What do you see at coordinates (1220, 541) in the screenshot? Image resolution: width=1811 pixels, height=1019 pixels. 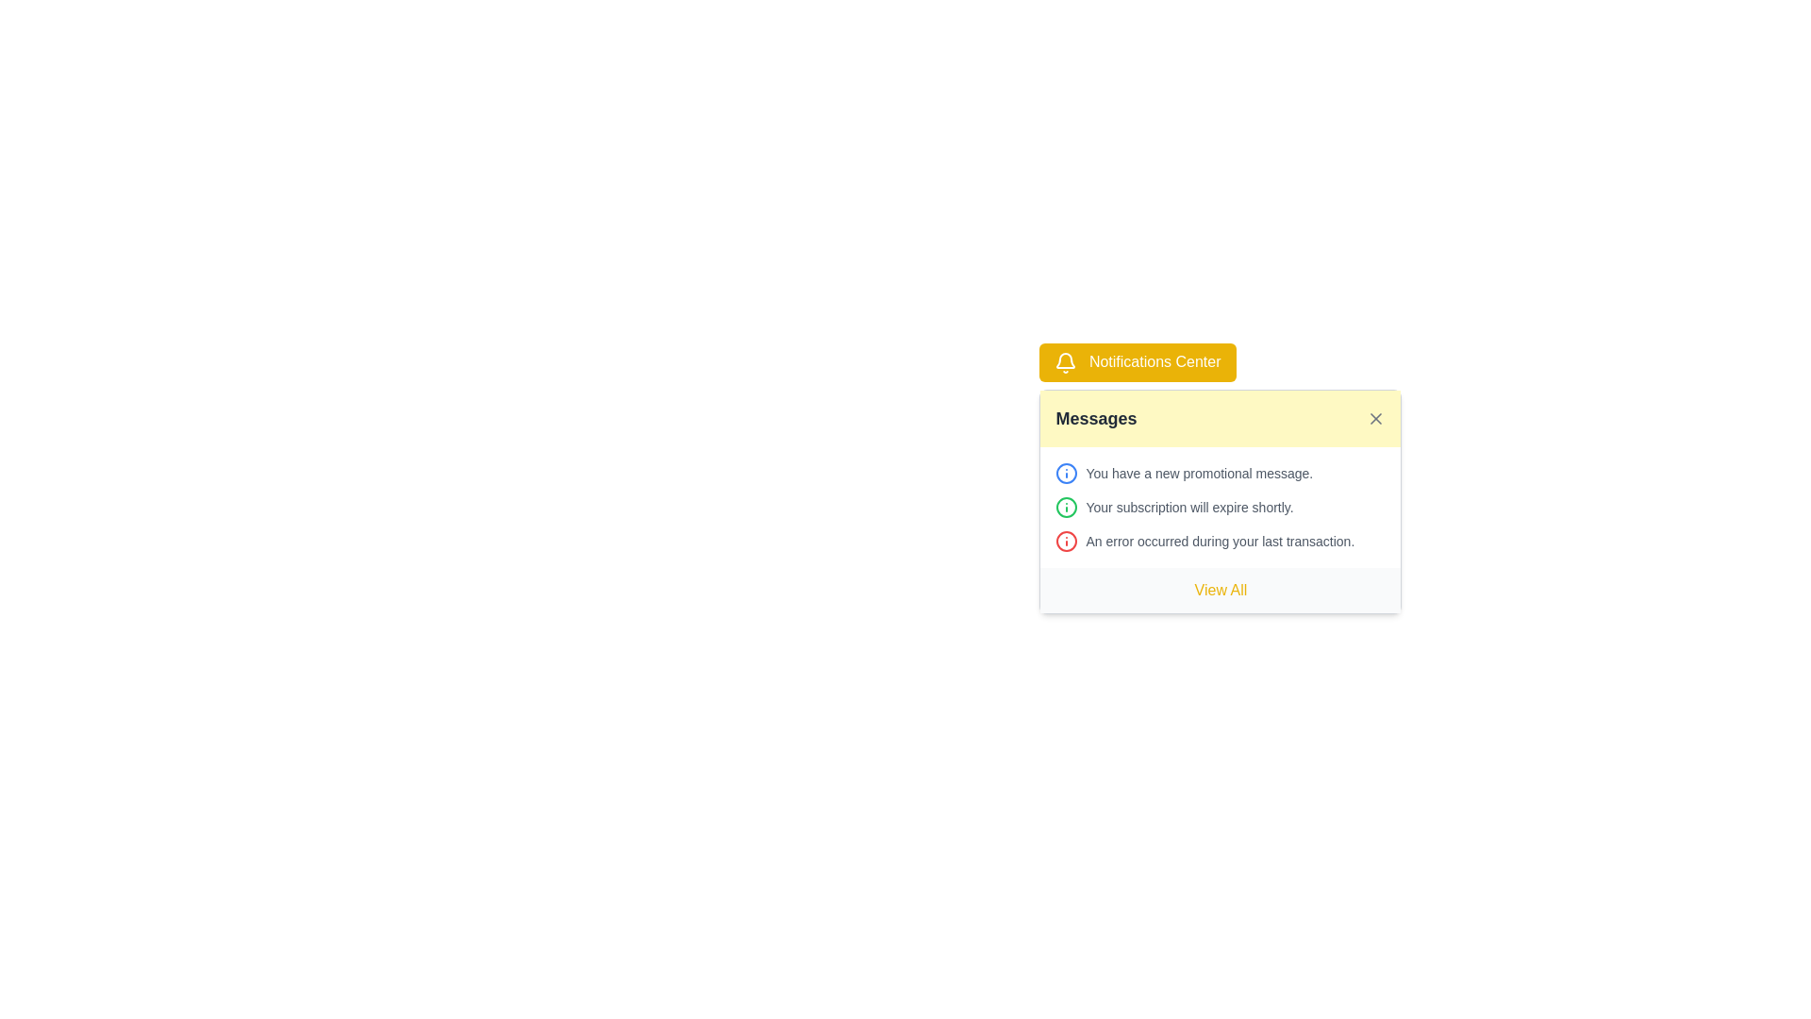 I see `the static text that reads 'An error occurred during your last transaction.', which is styled in gray and positioned within a notification section as the last item after two notifications` at bounding box center [1220, 541].